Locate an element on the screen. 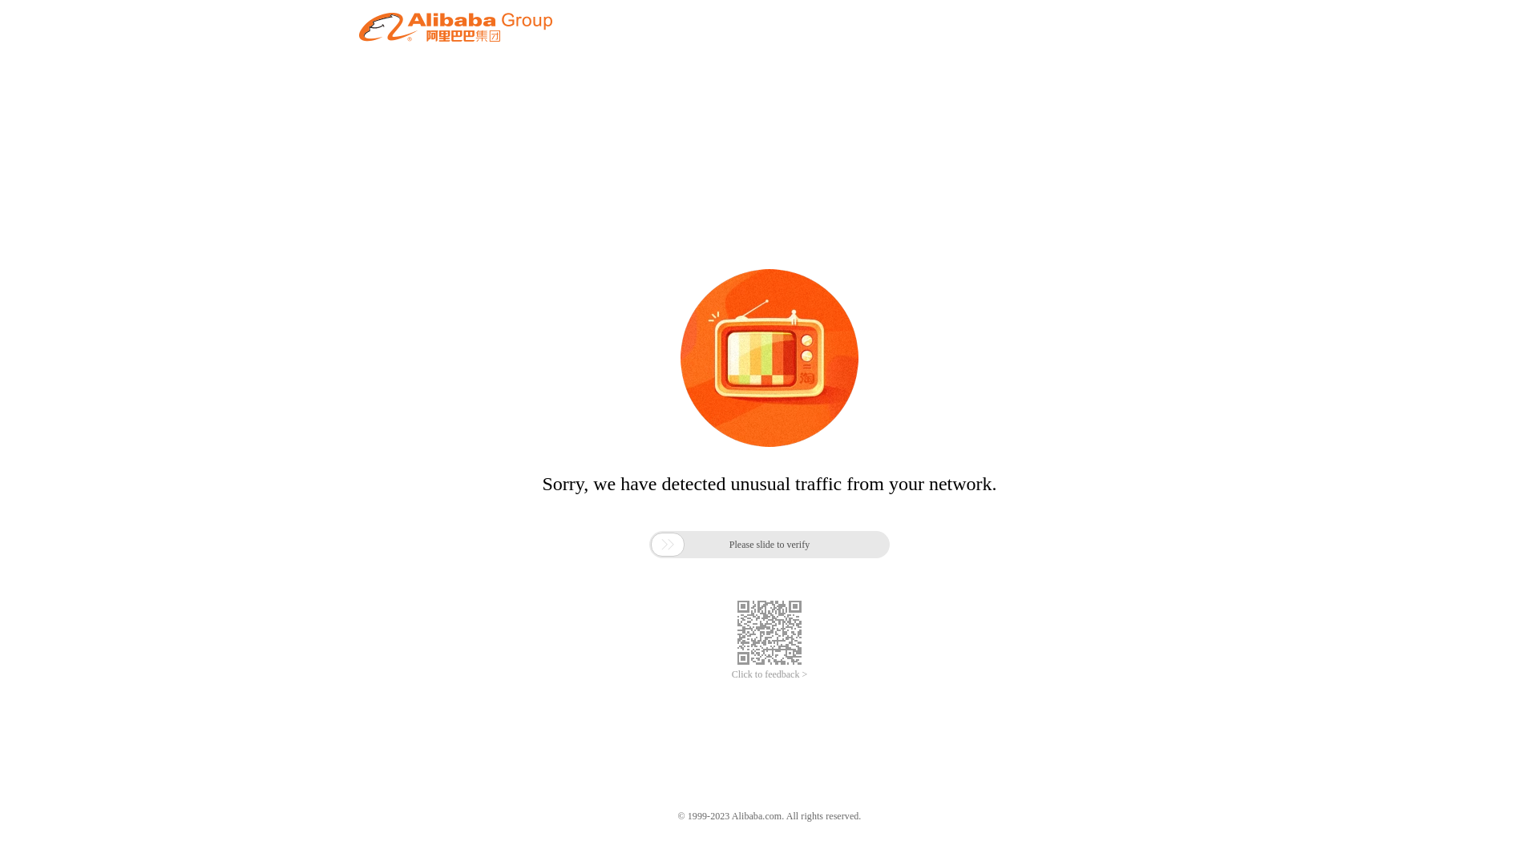  'Click to feedback >' is located at coordinates (769, 674).